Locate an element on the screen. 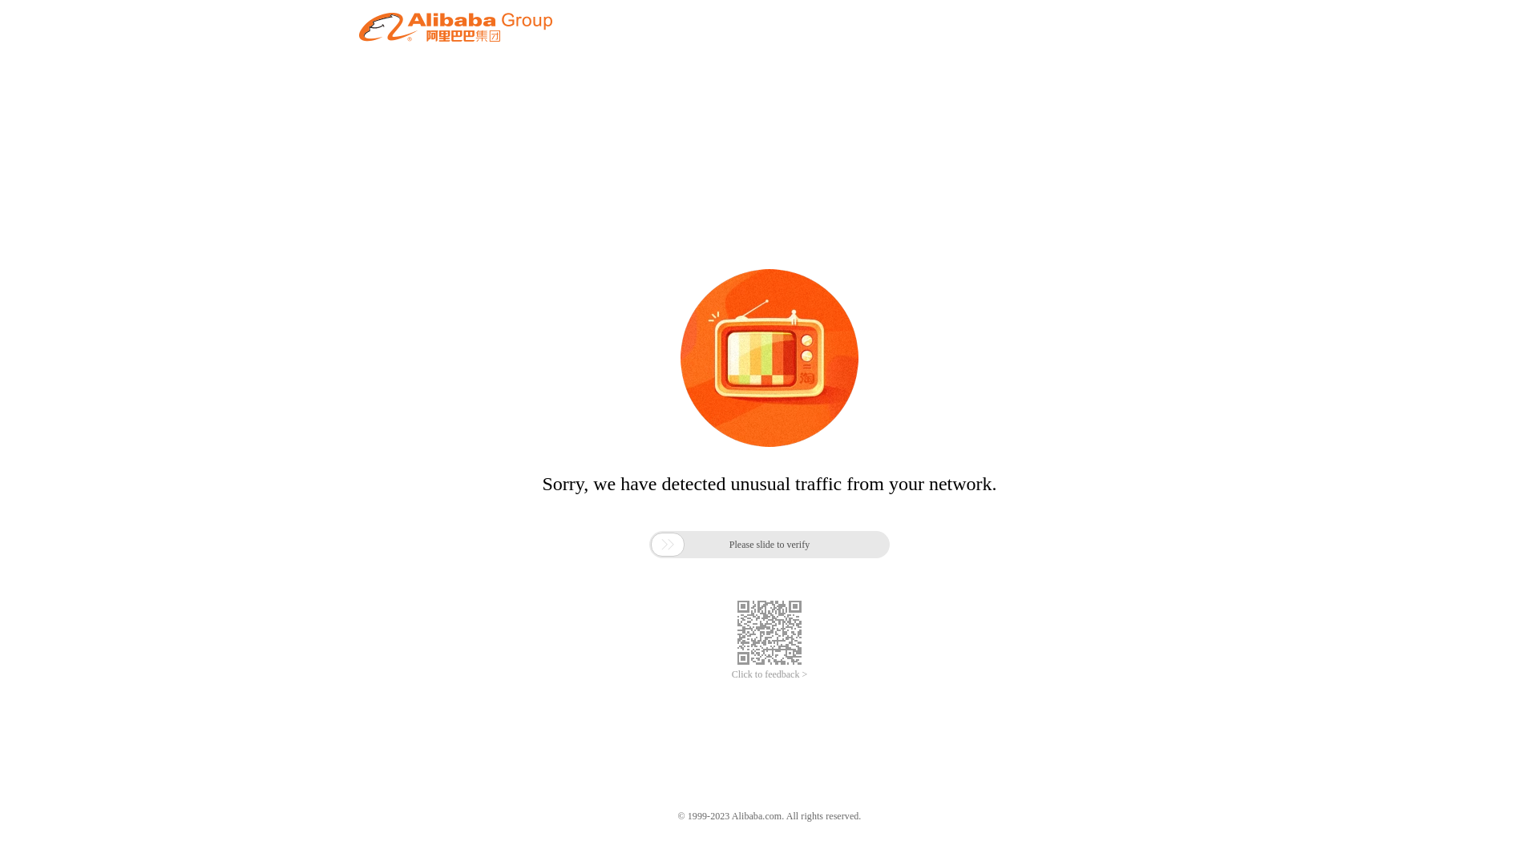  'Click to feedback >' is located at coordinates (769, 674).